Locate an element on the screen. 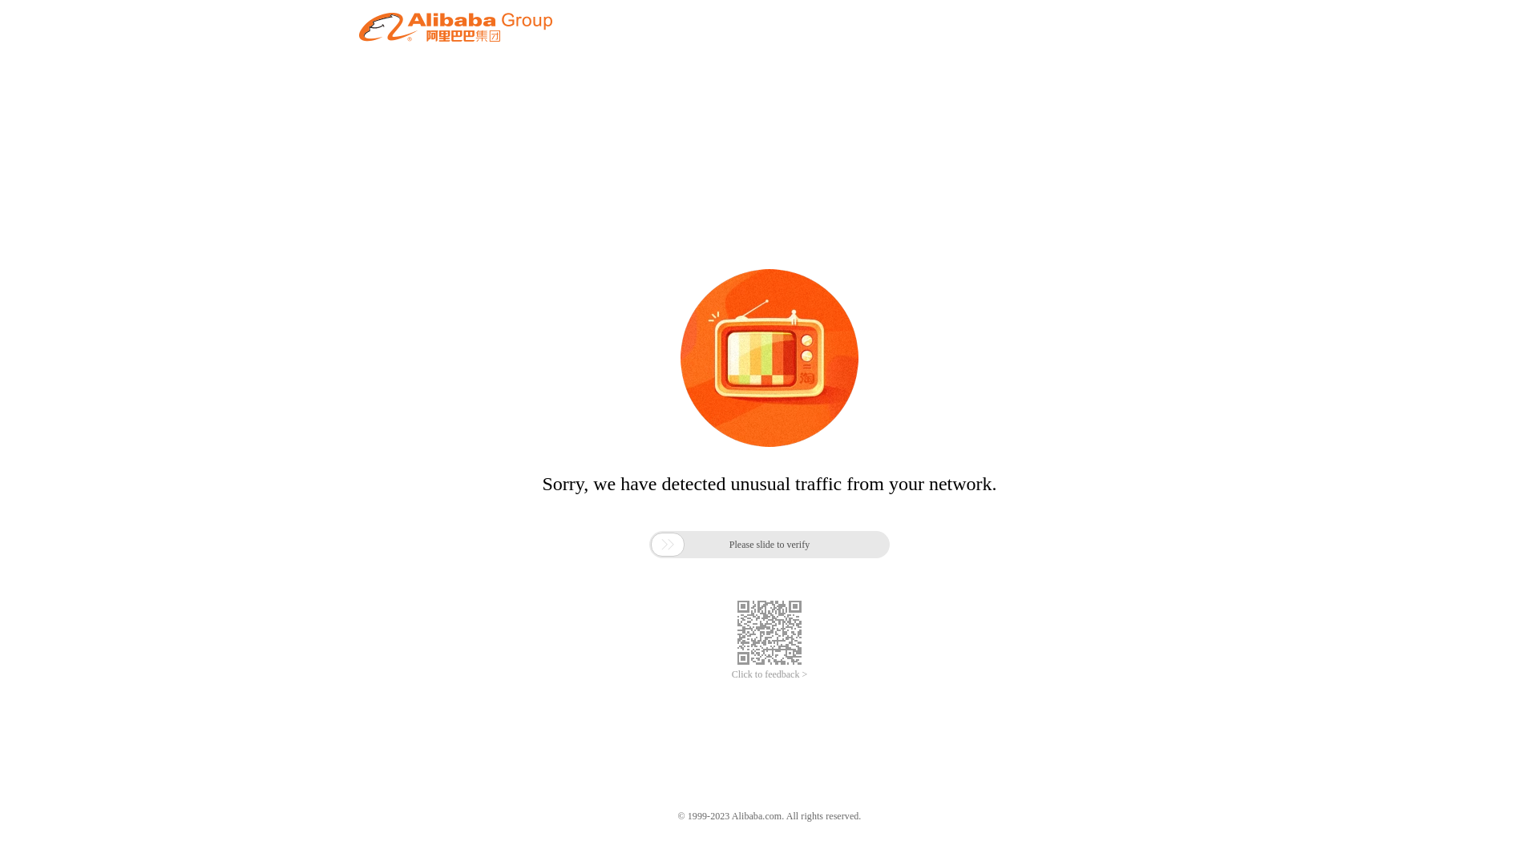  'Click to feedback >' is located at coordinates (769, 674).